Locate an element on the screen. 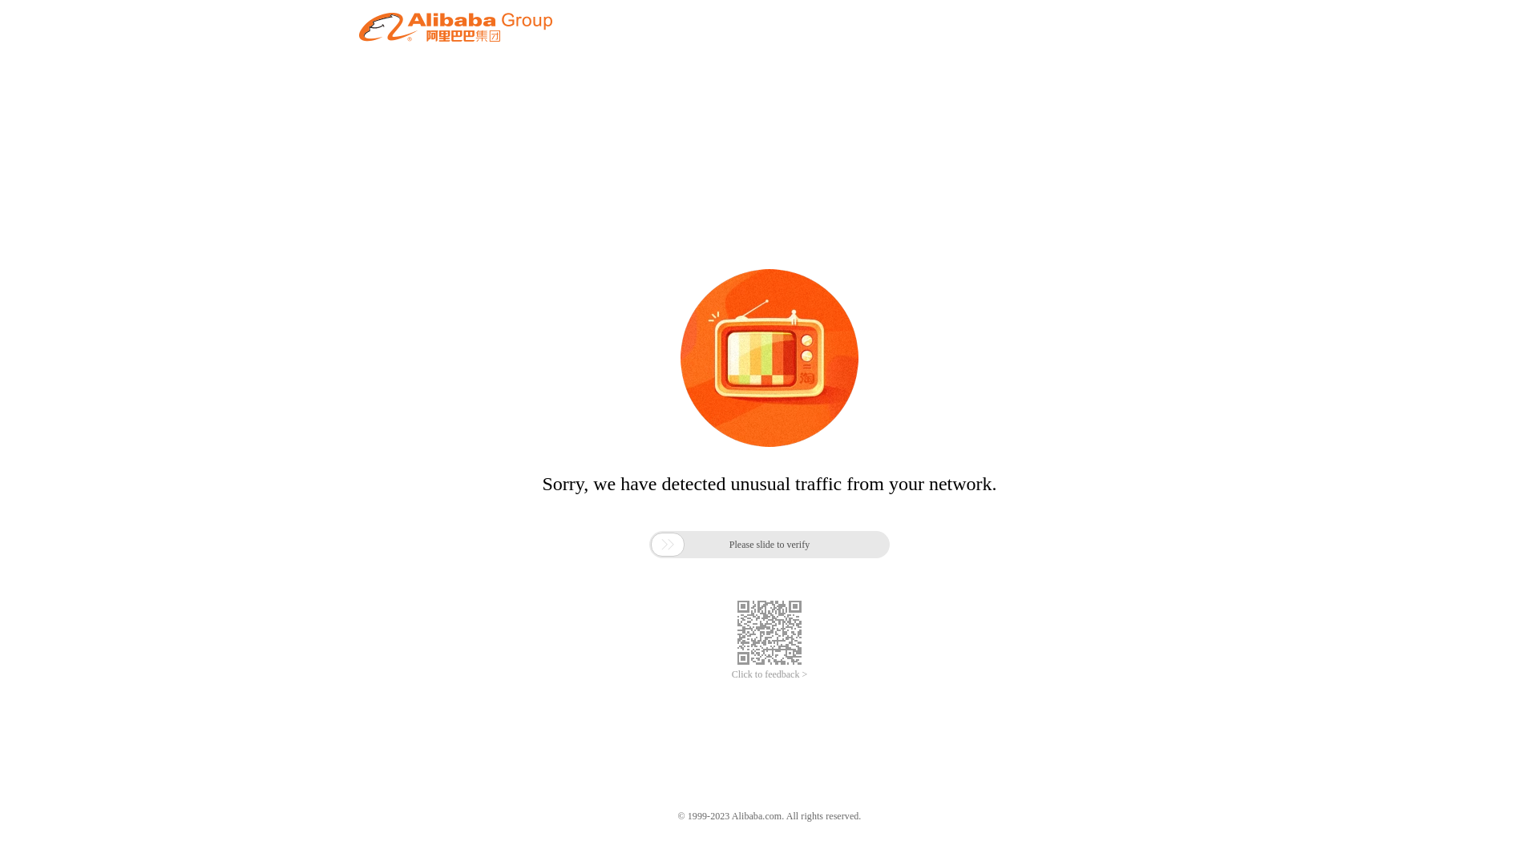  'Click to feedback >' is located at coordinates (769, 674).